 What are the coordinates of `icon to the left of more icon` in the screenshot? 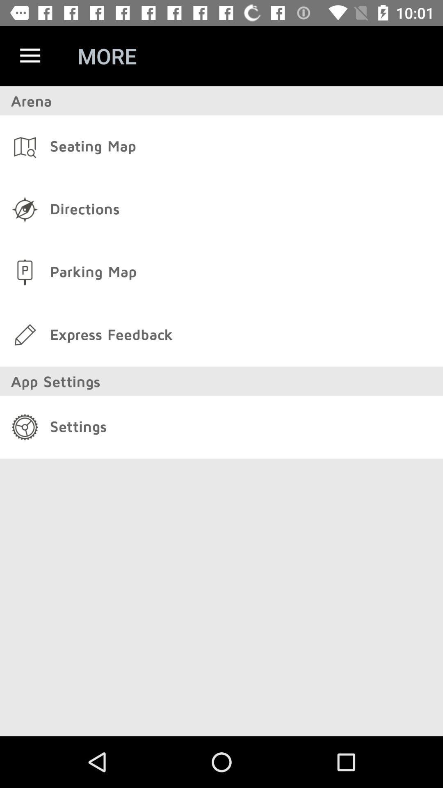 It's located at (30, 55).